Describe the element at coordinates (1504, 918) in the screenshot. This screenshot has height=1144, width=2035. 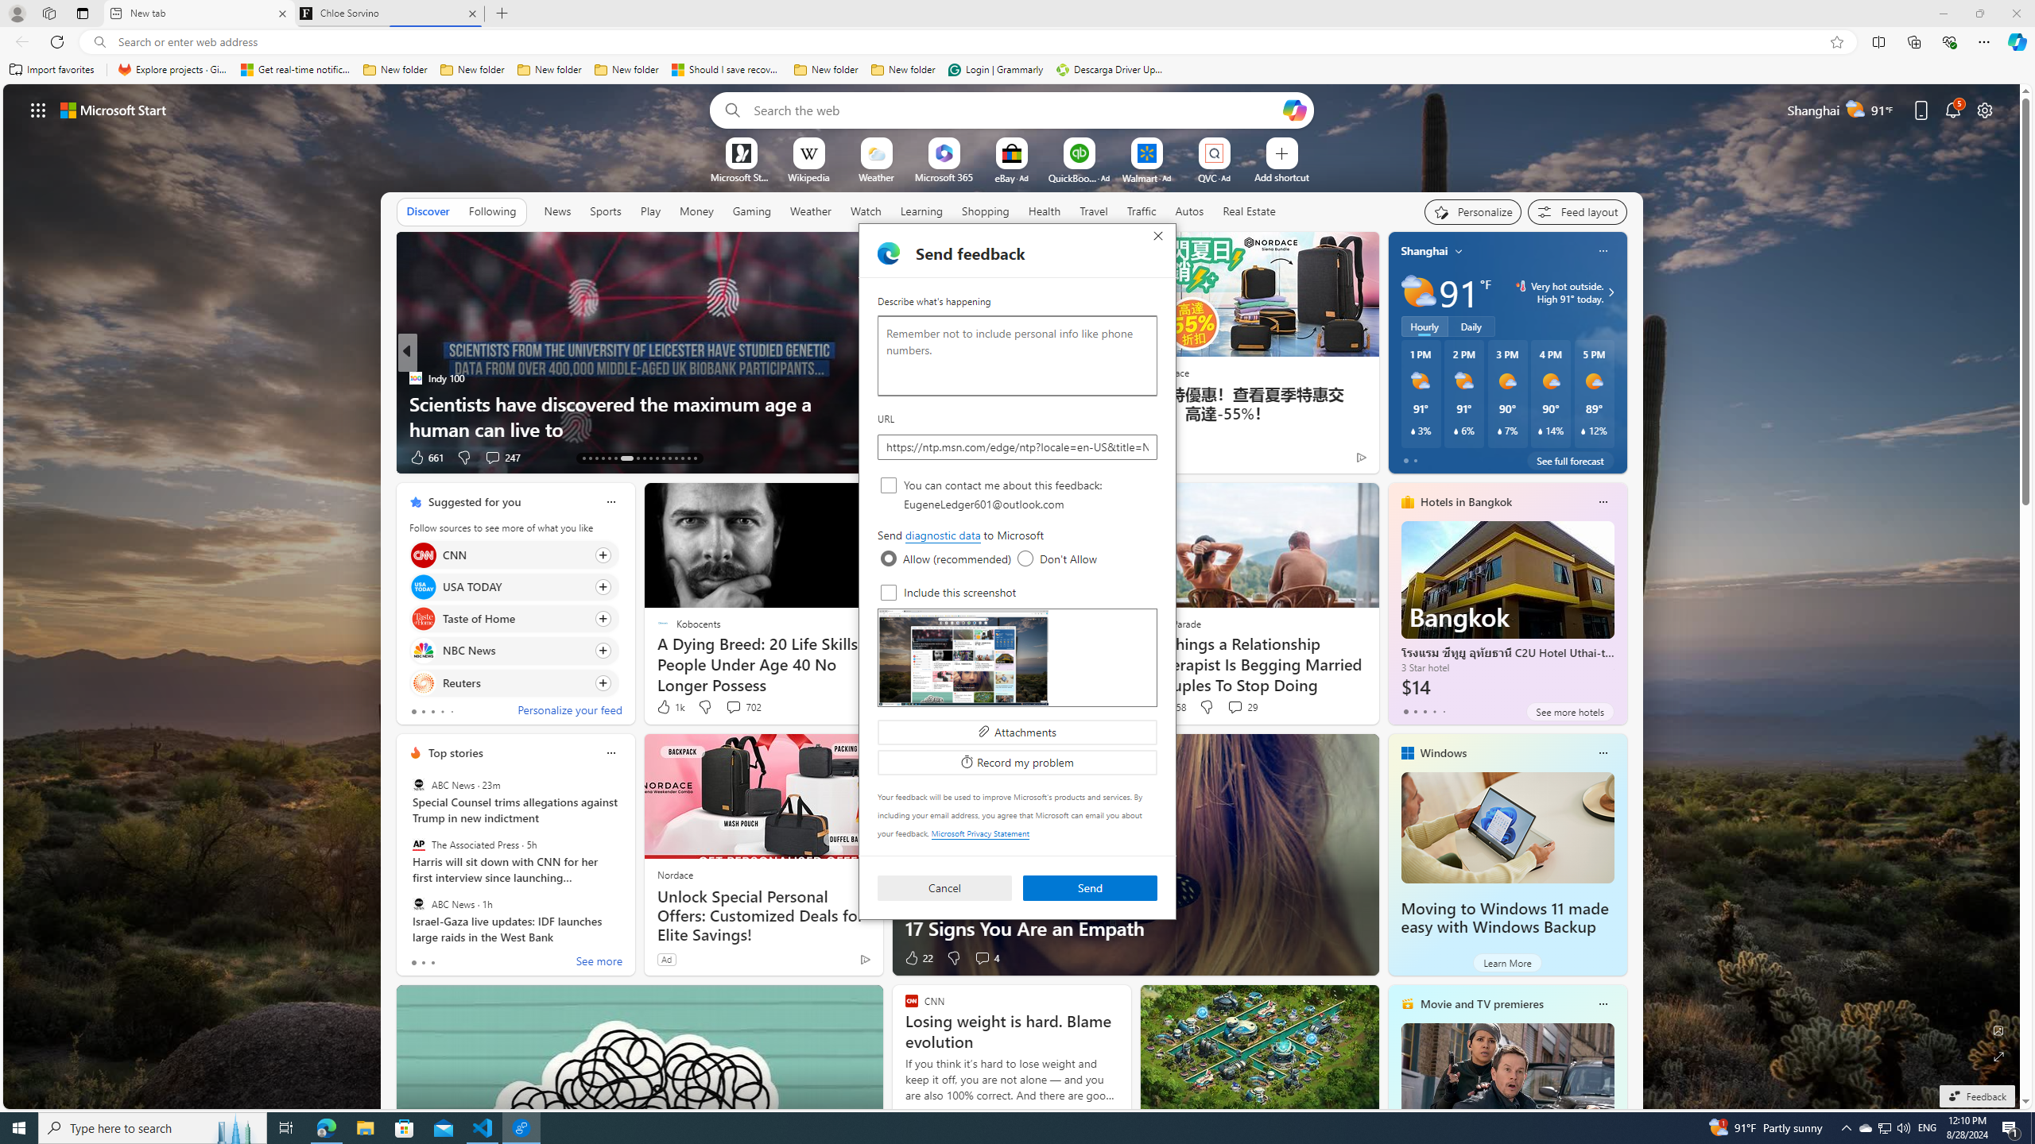
I see `'Moving to Windows 11 made easy with Windows Backup'` at that location.